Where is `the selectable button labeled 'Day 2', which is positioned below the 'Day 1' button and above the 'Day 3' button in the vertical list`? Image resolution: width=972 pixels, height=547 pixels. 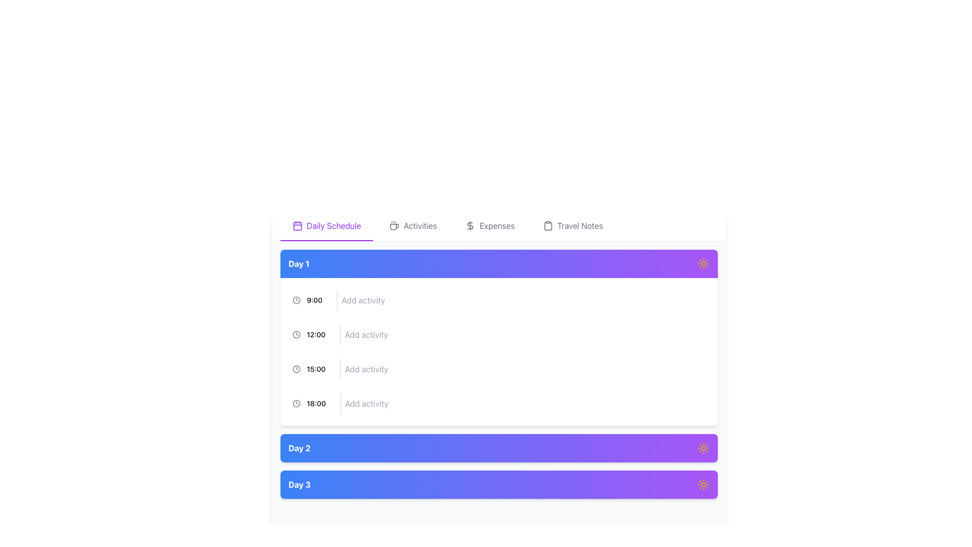 the selectable button labeled 'Day 2', which is positioned below the 'Day 1' button and above the 'Day 3' button in the vertical list is located at coordinates (499, 447).